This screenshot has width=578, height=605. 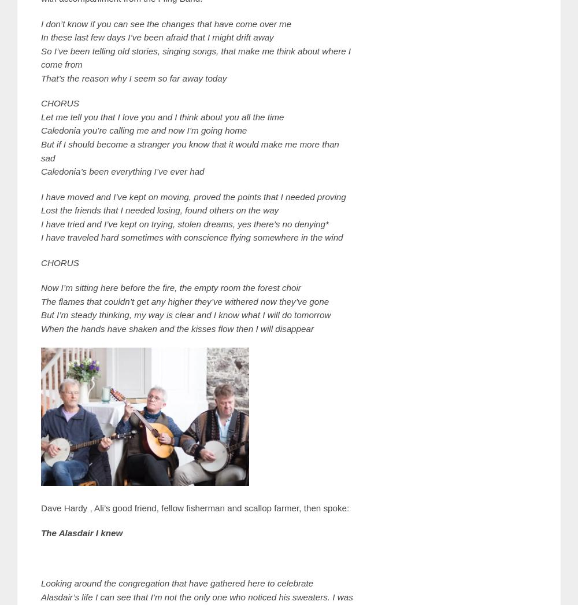 I want to click on 'I don’t know if you can see the changes that have come over me', so click(x=40, y=23).